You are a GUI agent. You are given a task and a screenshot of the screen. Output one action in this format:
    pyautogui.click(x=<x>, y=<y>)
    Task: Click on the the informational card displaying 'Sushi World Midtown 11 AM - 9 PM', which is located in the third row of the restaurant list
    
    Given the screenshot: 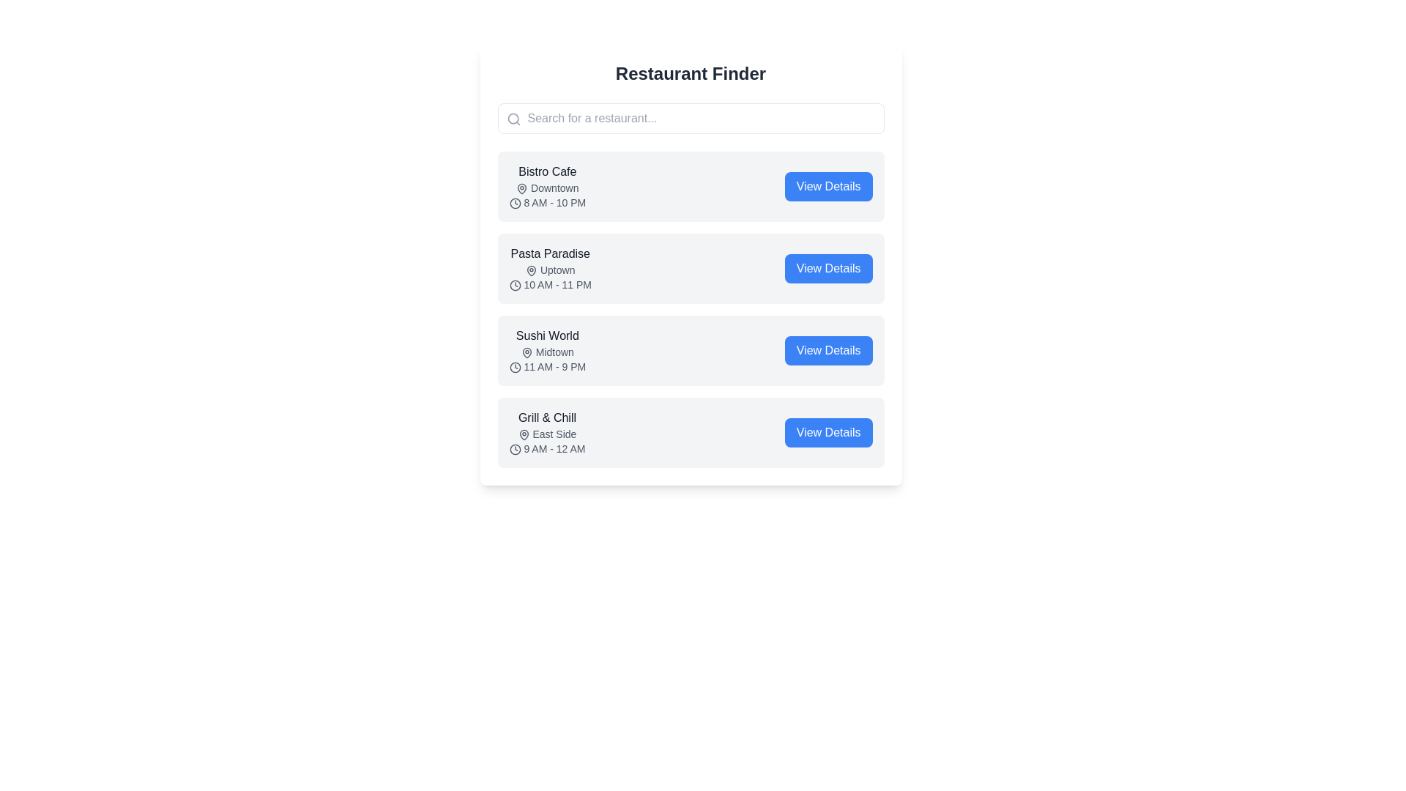 What is the action you would take?
    pyautogui.click(x=546, y=350)
    